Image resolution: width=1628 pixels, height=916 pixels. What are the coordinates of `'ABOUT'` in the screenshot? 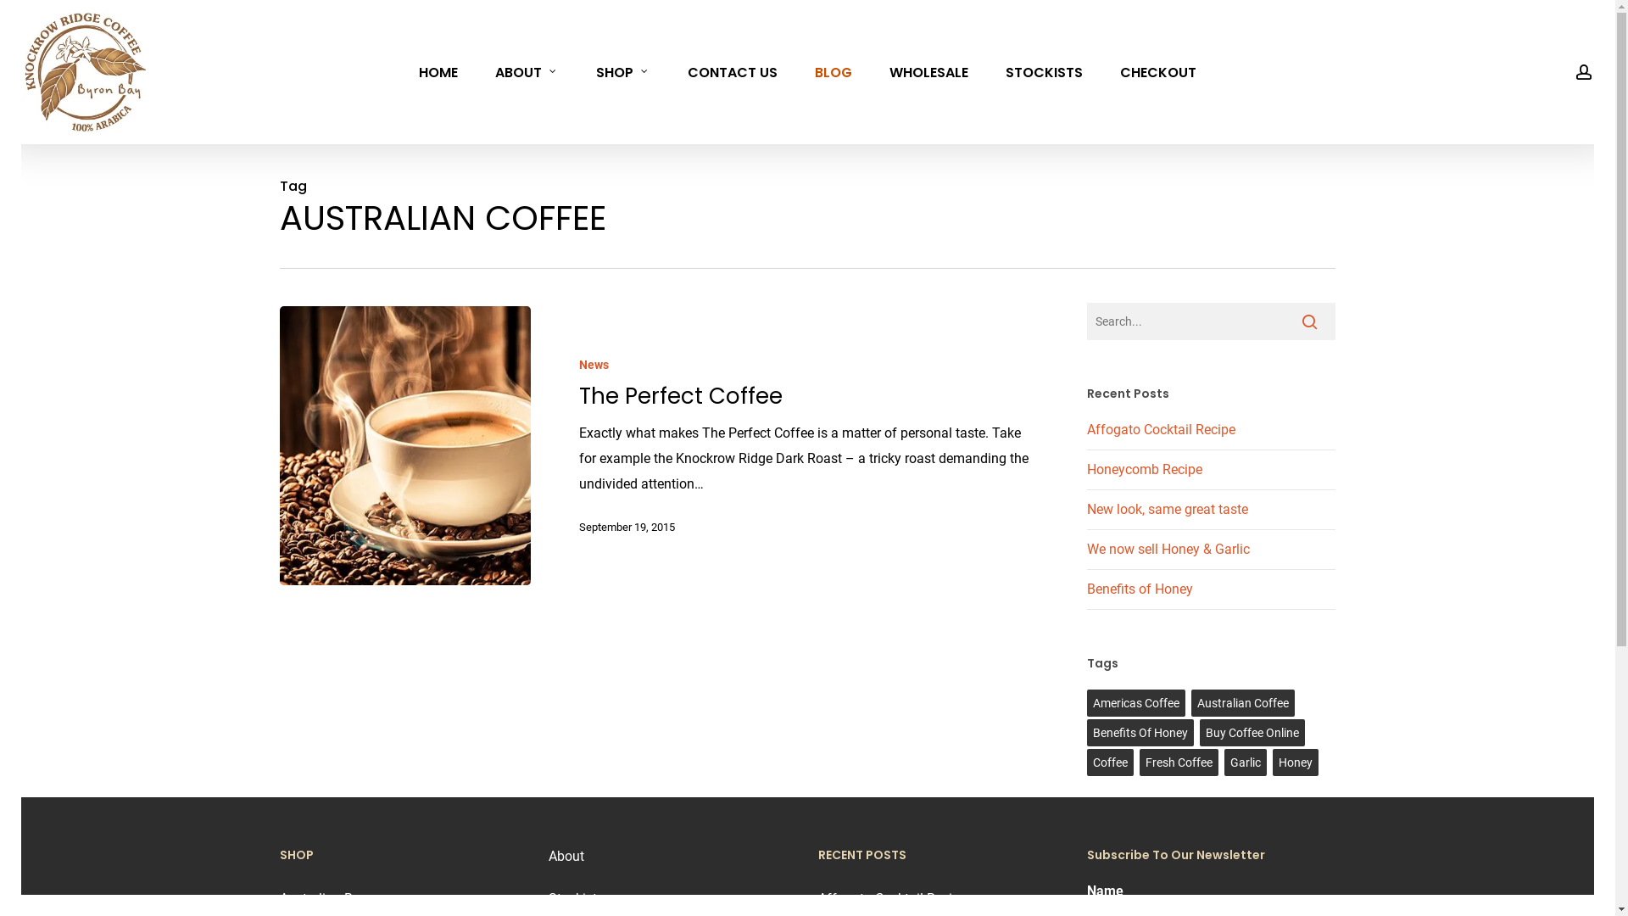 It's located at (526, 70).